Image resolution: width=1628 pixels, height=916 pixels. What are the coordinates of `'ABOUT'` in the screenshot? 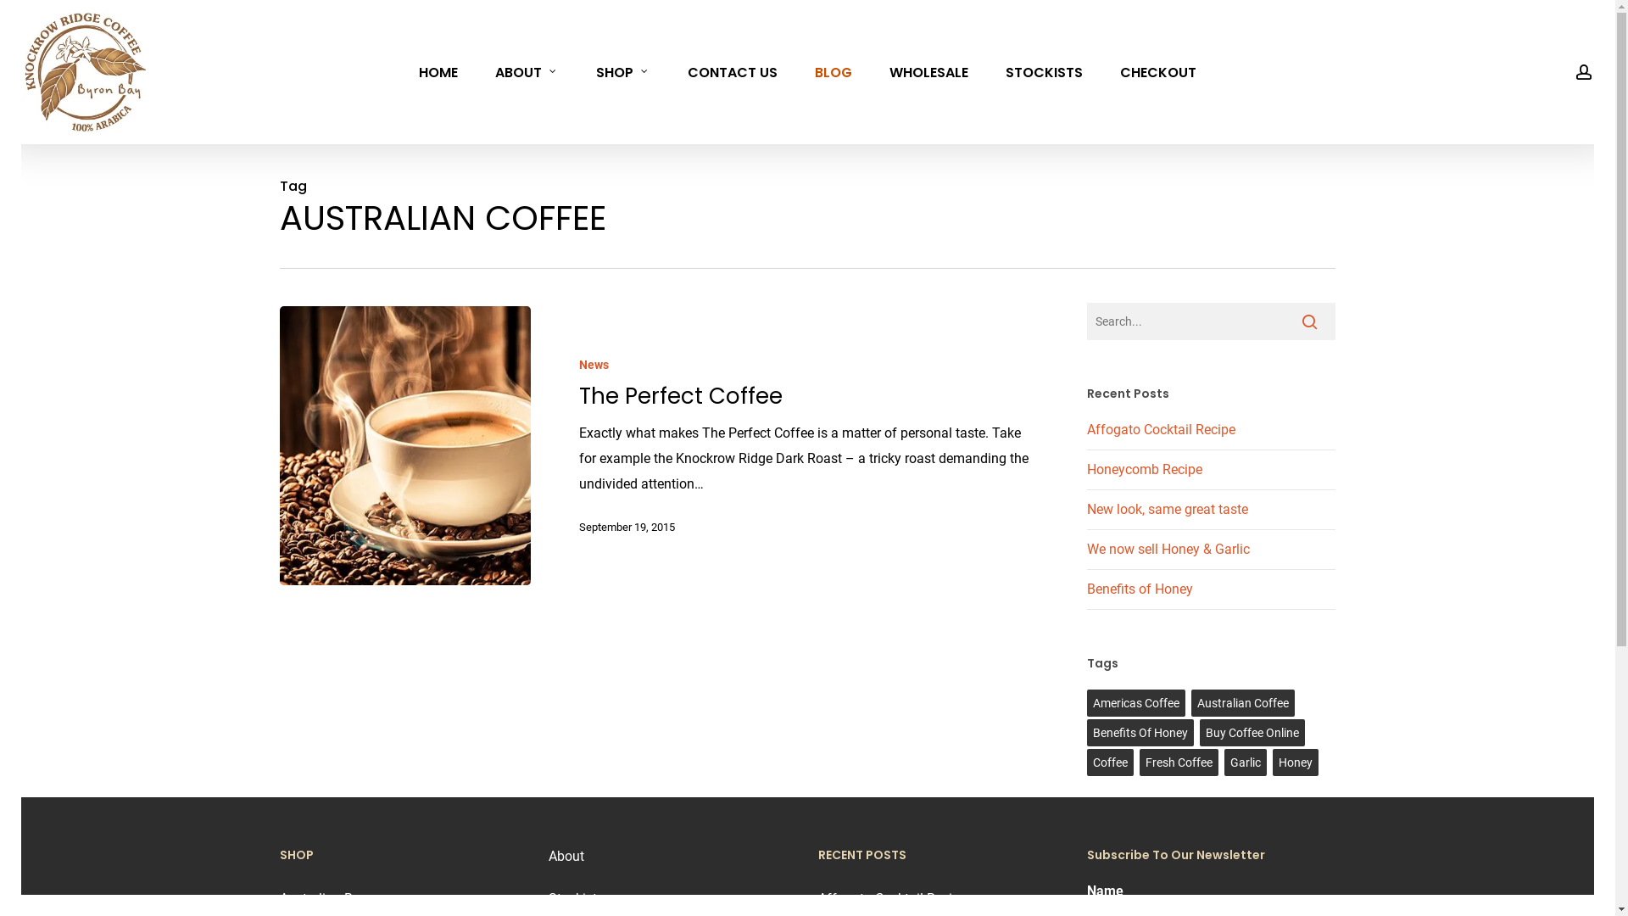 It's located at (526, 70).